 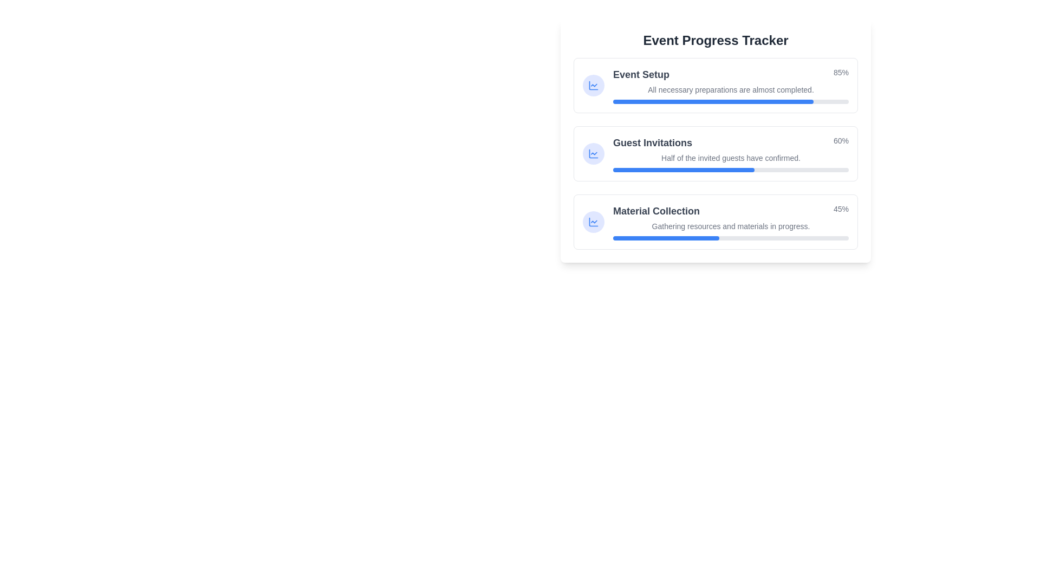 I want to click on the Progress Bar indicating 85% completion located in the 'Event Setup' section beneath the text 'All necessary preparations are almost completed.', so click(x=731, y=102).